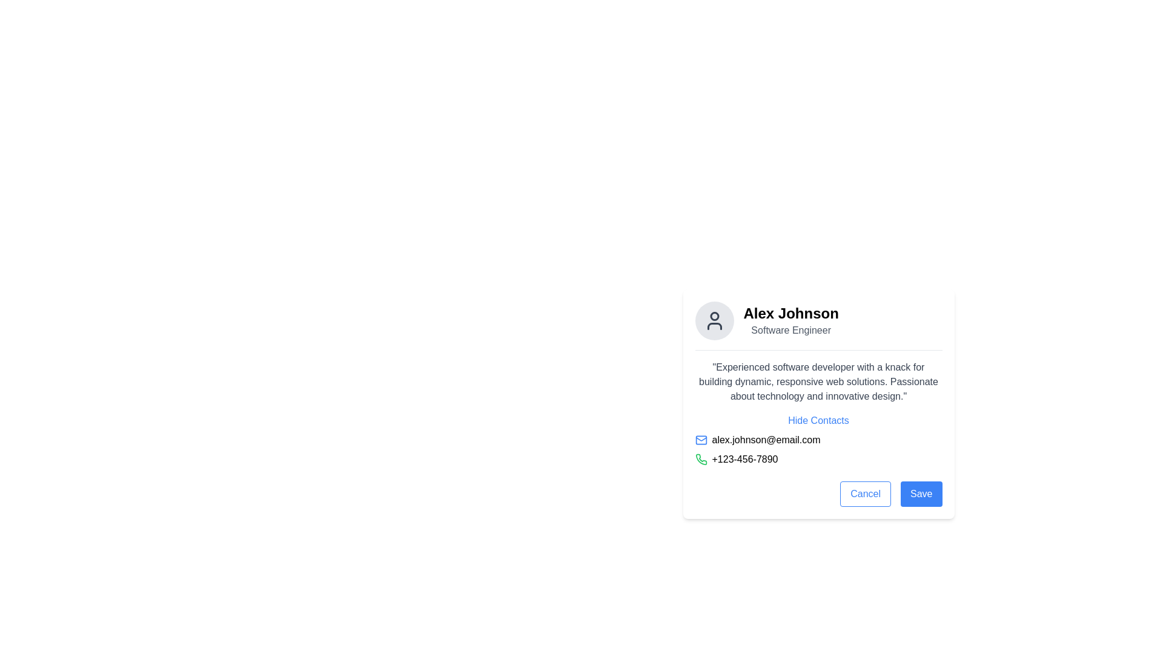  I want to click on text displayed in the profile card's name and designation area, which is visually represented in bold large text followed by smaller gray text, so click(791, 320).